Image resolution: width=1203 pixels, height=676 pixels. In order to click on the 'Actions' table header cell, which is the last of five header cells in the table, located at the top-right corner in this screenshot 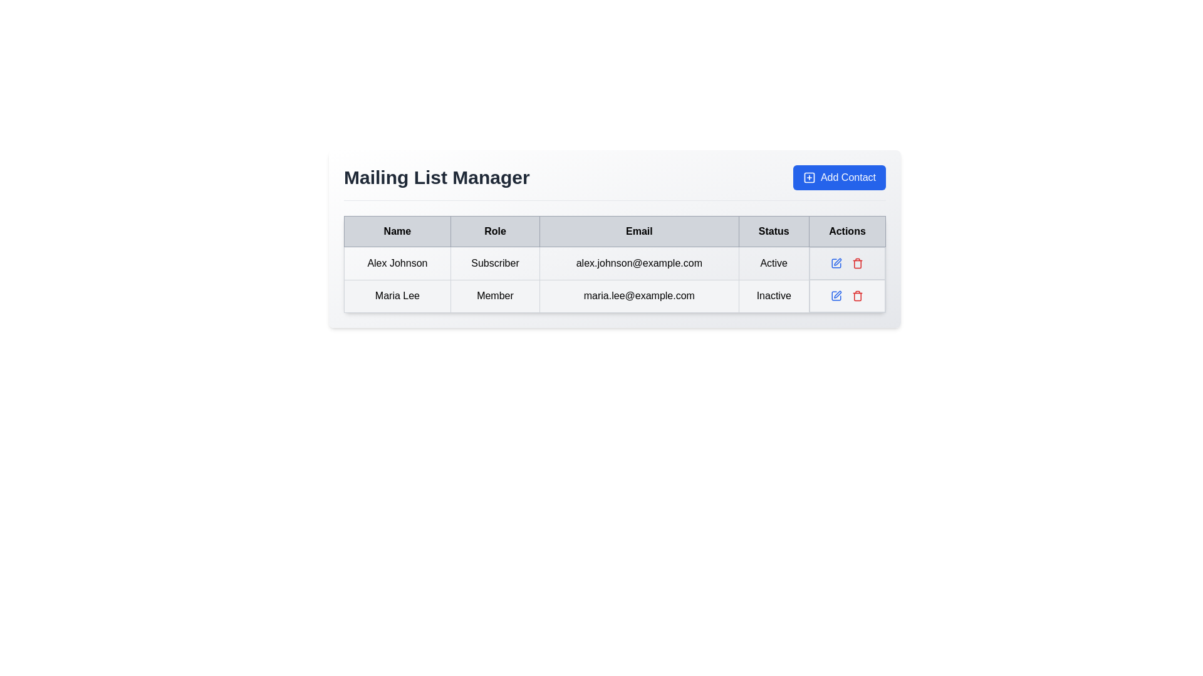, I will do `click(847, 232)`.